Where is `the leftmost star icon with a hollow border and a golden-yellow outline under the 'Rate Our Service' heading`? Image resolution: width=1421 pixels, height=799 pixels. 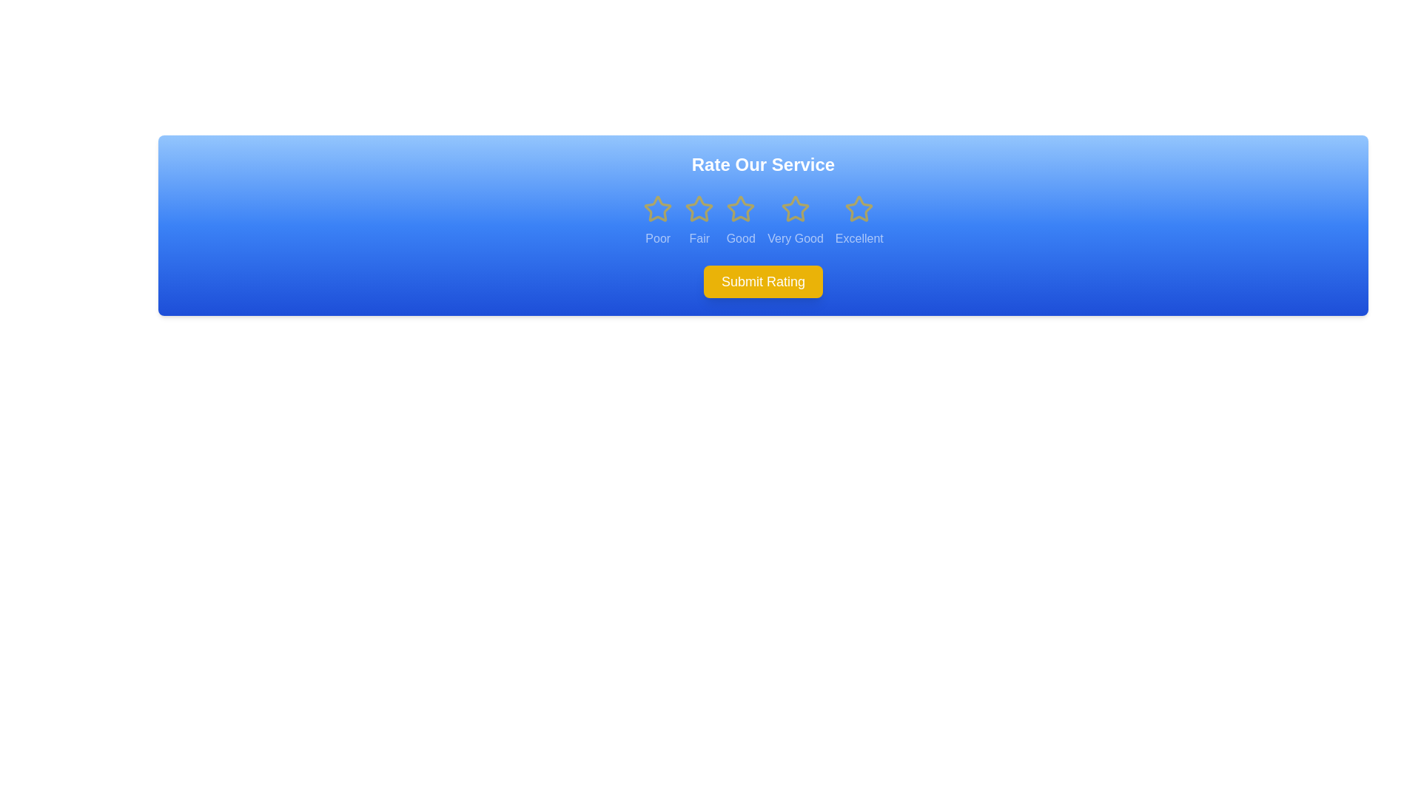 the leftmost star icon with a hollow border and a golden-yellow outline under the 'Rate Our Service' heading is located at coordinates (656, 208).